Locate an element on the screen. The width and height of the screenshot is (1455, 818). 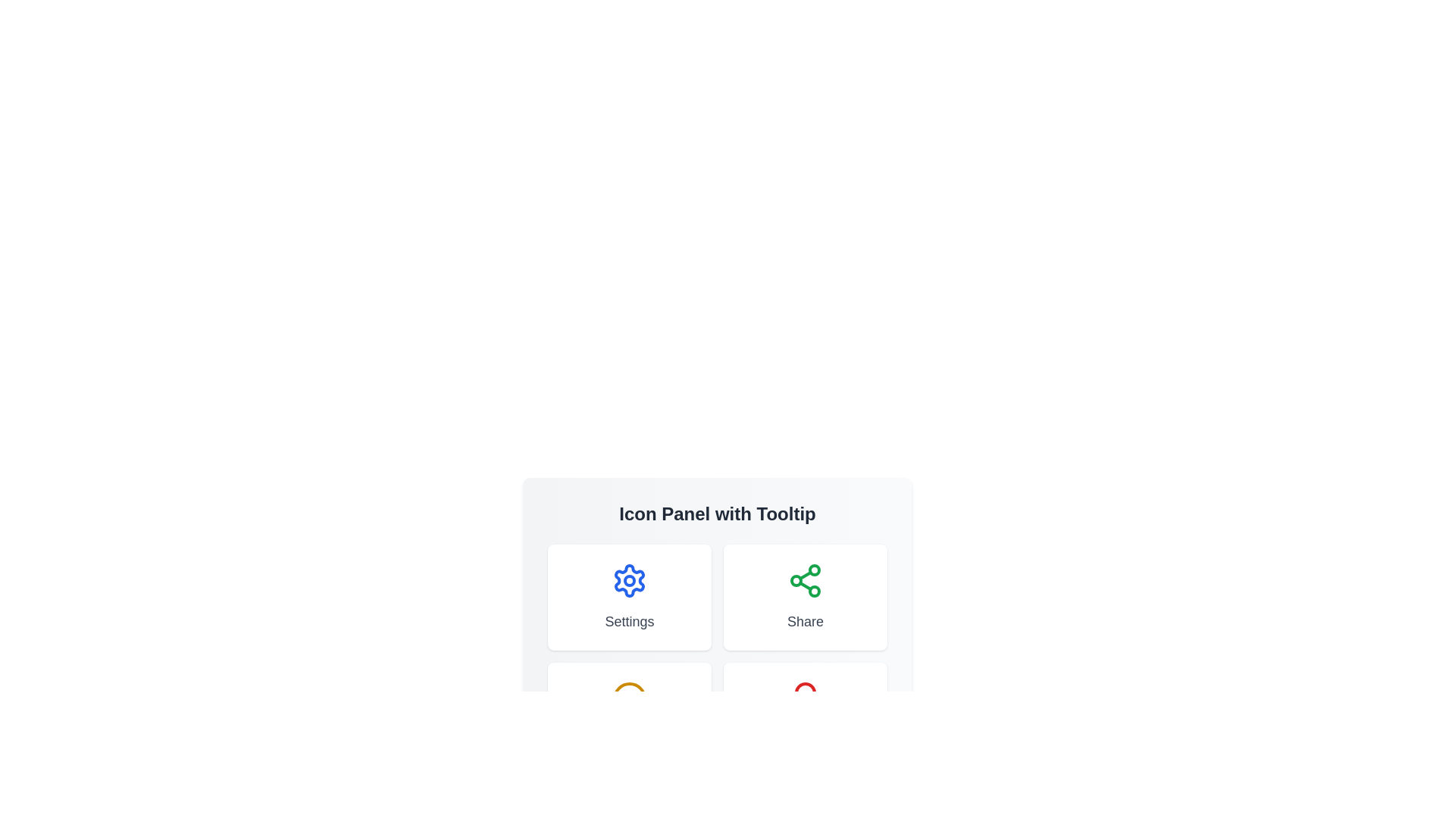
the settings button located at the top left corner of the grid layout is located at coordinates (629, 597).